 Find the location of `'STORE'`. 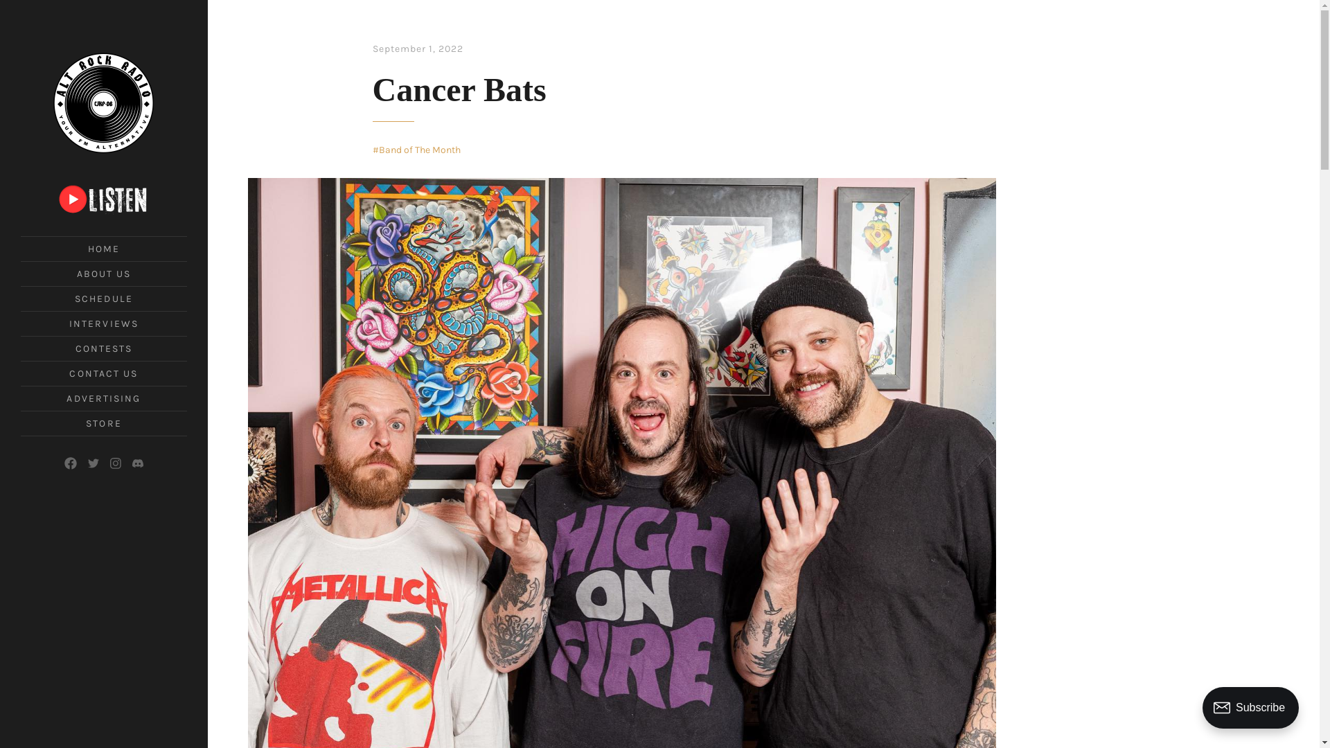

'STORE' is located at coordinates (103, 422).